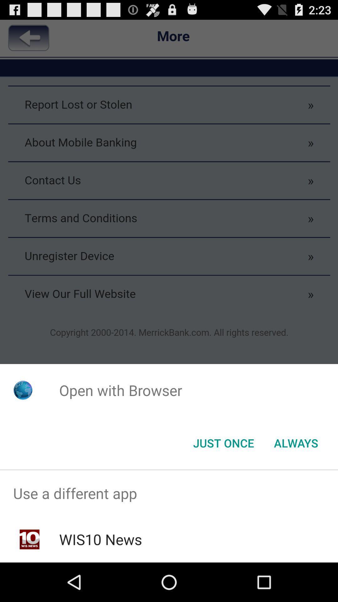  What do you see at coordinates (296, 442) in the screenshot?
I see `icon at the bottom right corner` at bounding box center [296, 442].